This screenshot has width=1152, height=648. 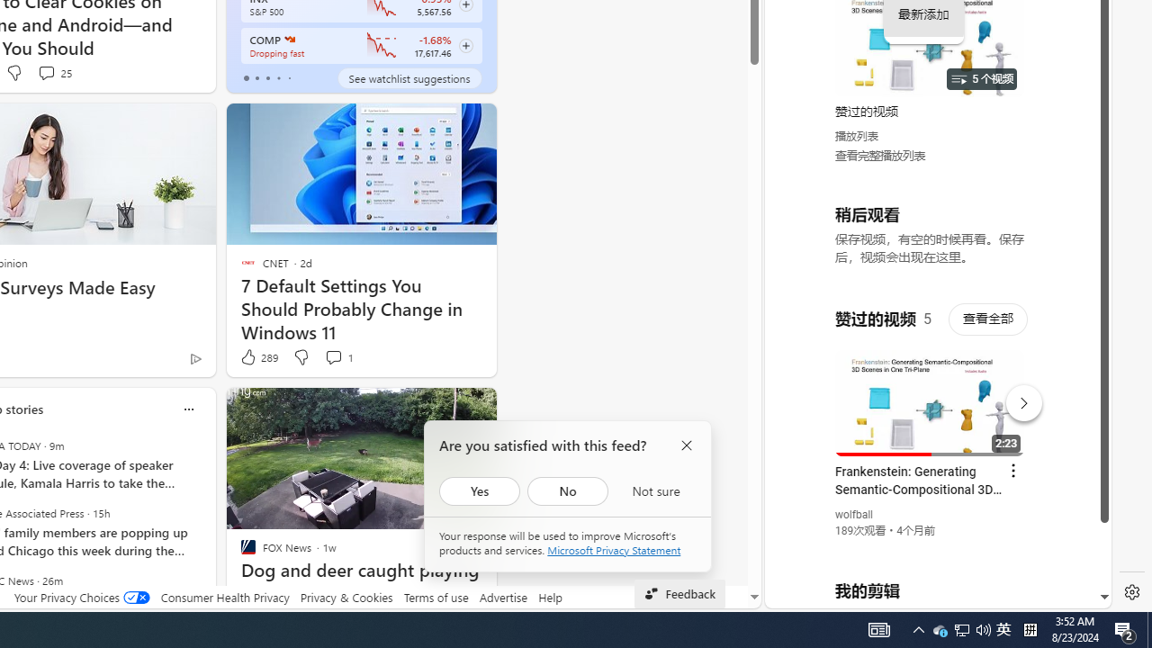 What do you see at coordinates (289, 39) in the screenshot?
I see `'NASDAQ'` at bounding box center [289, 39].